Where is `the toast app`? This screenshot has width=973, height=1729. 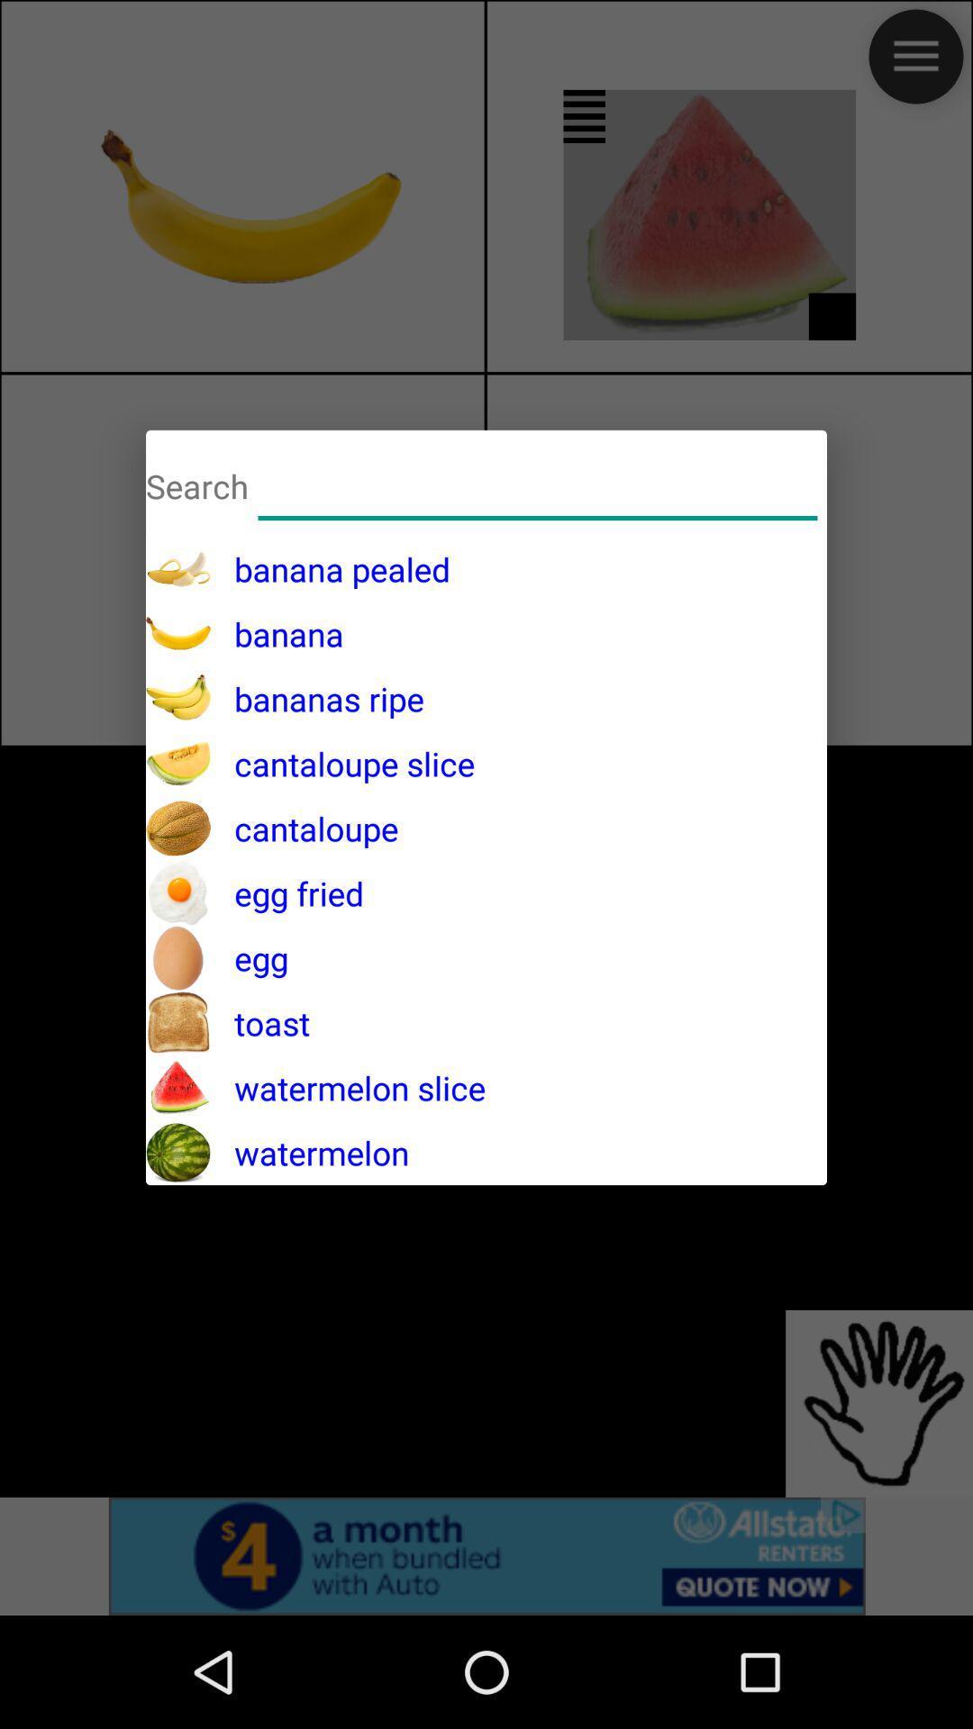 the toast app is located at coordinates (260, 1023).